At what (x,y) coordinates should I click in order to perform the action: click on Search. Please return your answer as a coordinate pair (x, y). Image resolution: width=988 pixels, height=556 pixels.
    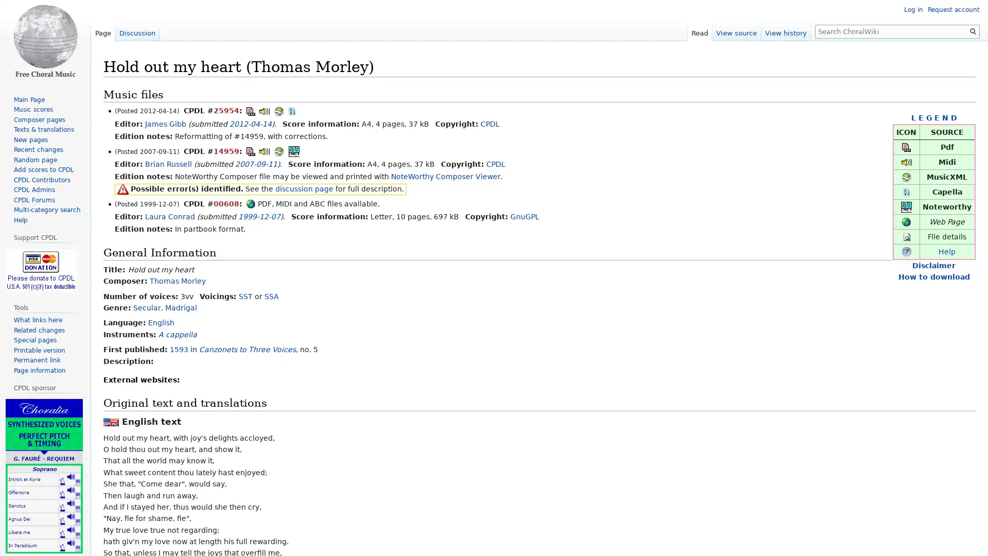
    Looking at the image, I should click on (973, 31).